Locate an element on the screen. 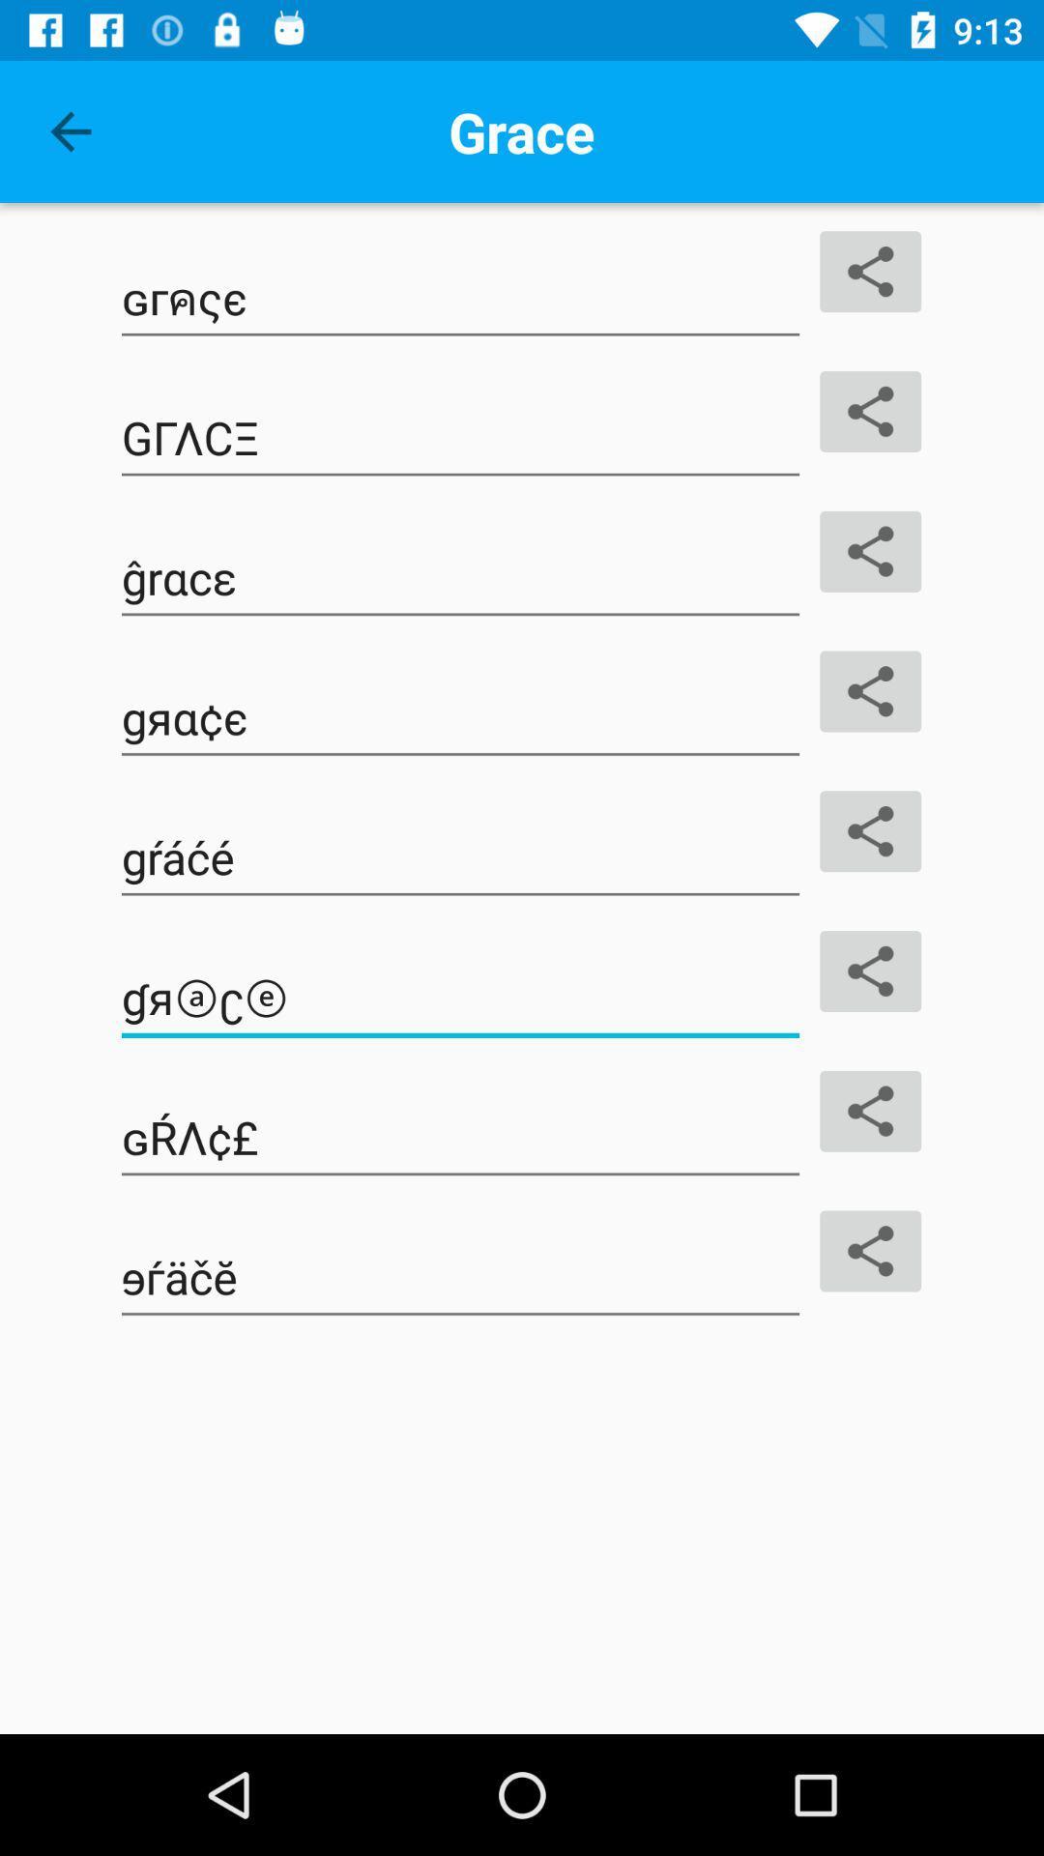 This screenshot has height=1856, width=1044. the last but third button of the page is located at coordinates (461, 857).